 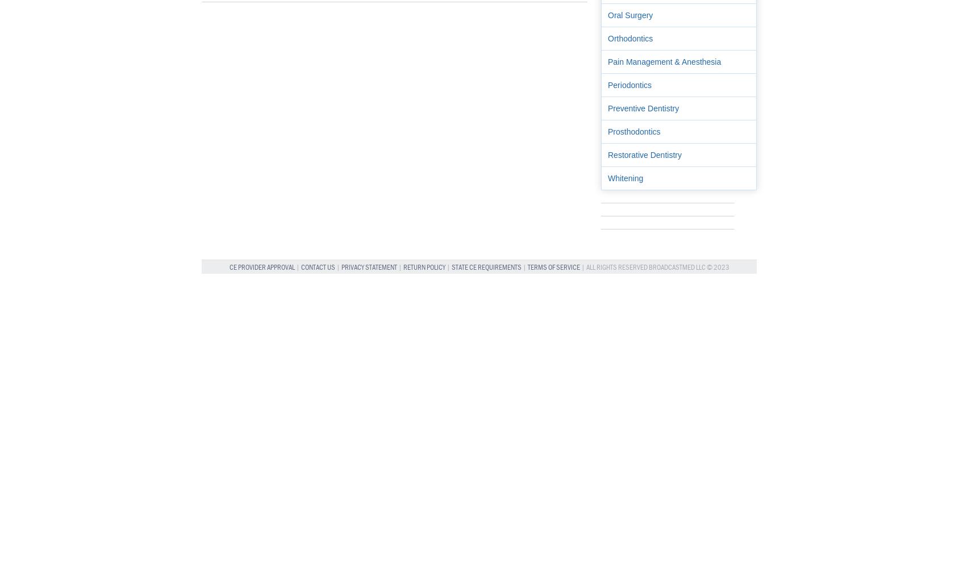 I want to click on 'Periodontics', so click(x=629, y=85).